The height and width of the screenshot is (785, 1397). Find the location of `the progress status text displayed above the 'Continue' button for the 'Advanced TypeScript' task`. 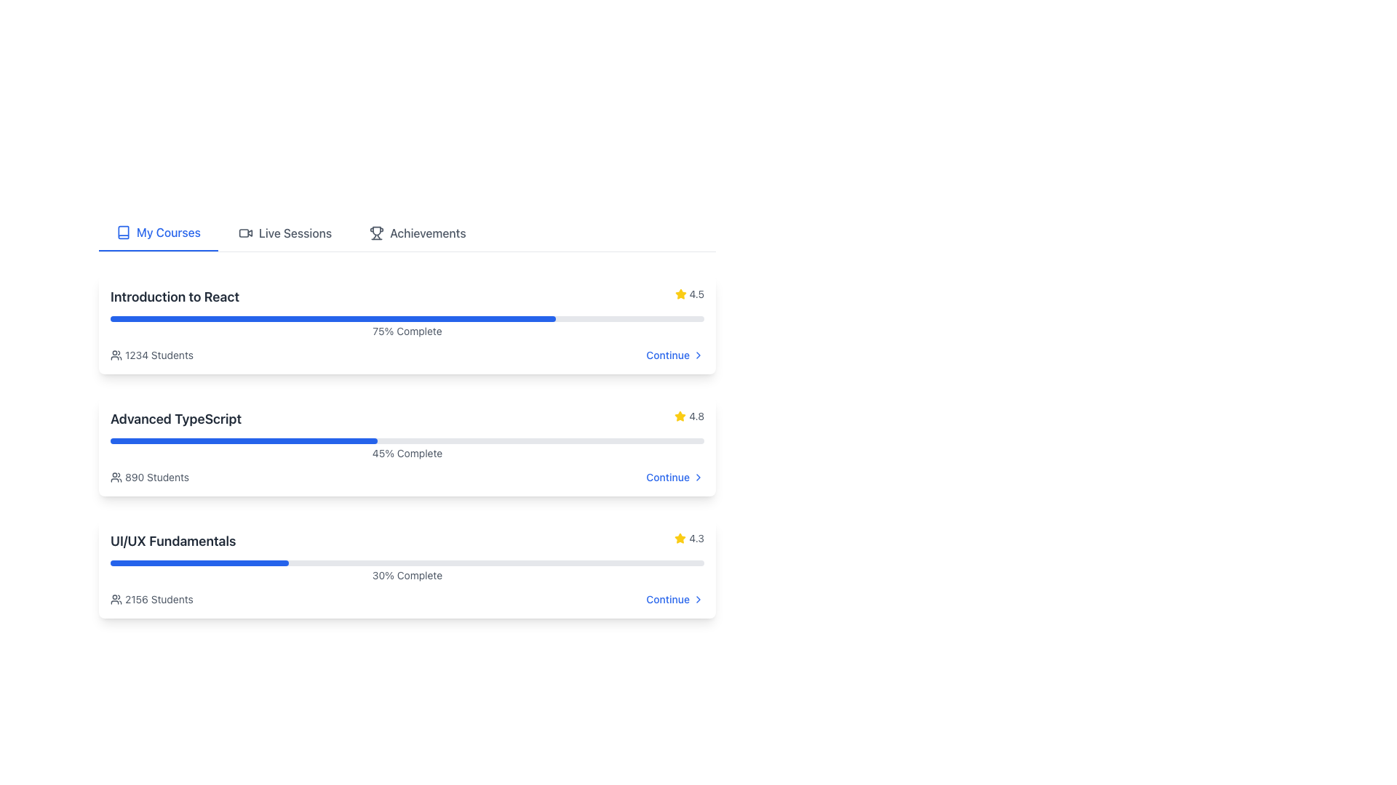

the progress status text displayed above the 'Continue' button for the 'Advanced TypeScript' task is located at coordinates (407, 452).